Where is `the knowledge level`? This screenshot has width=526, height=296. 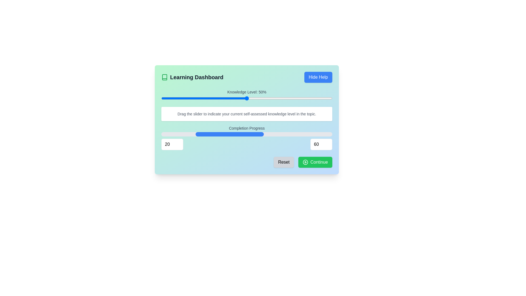 the knowledge level is located at coordinates (264, 98).